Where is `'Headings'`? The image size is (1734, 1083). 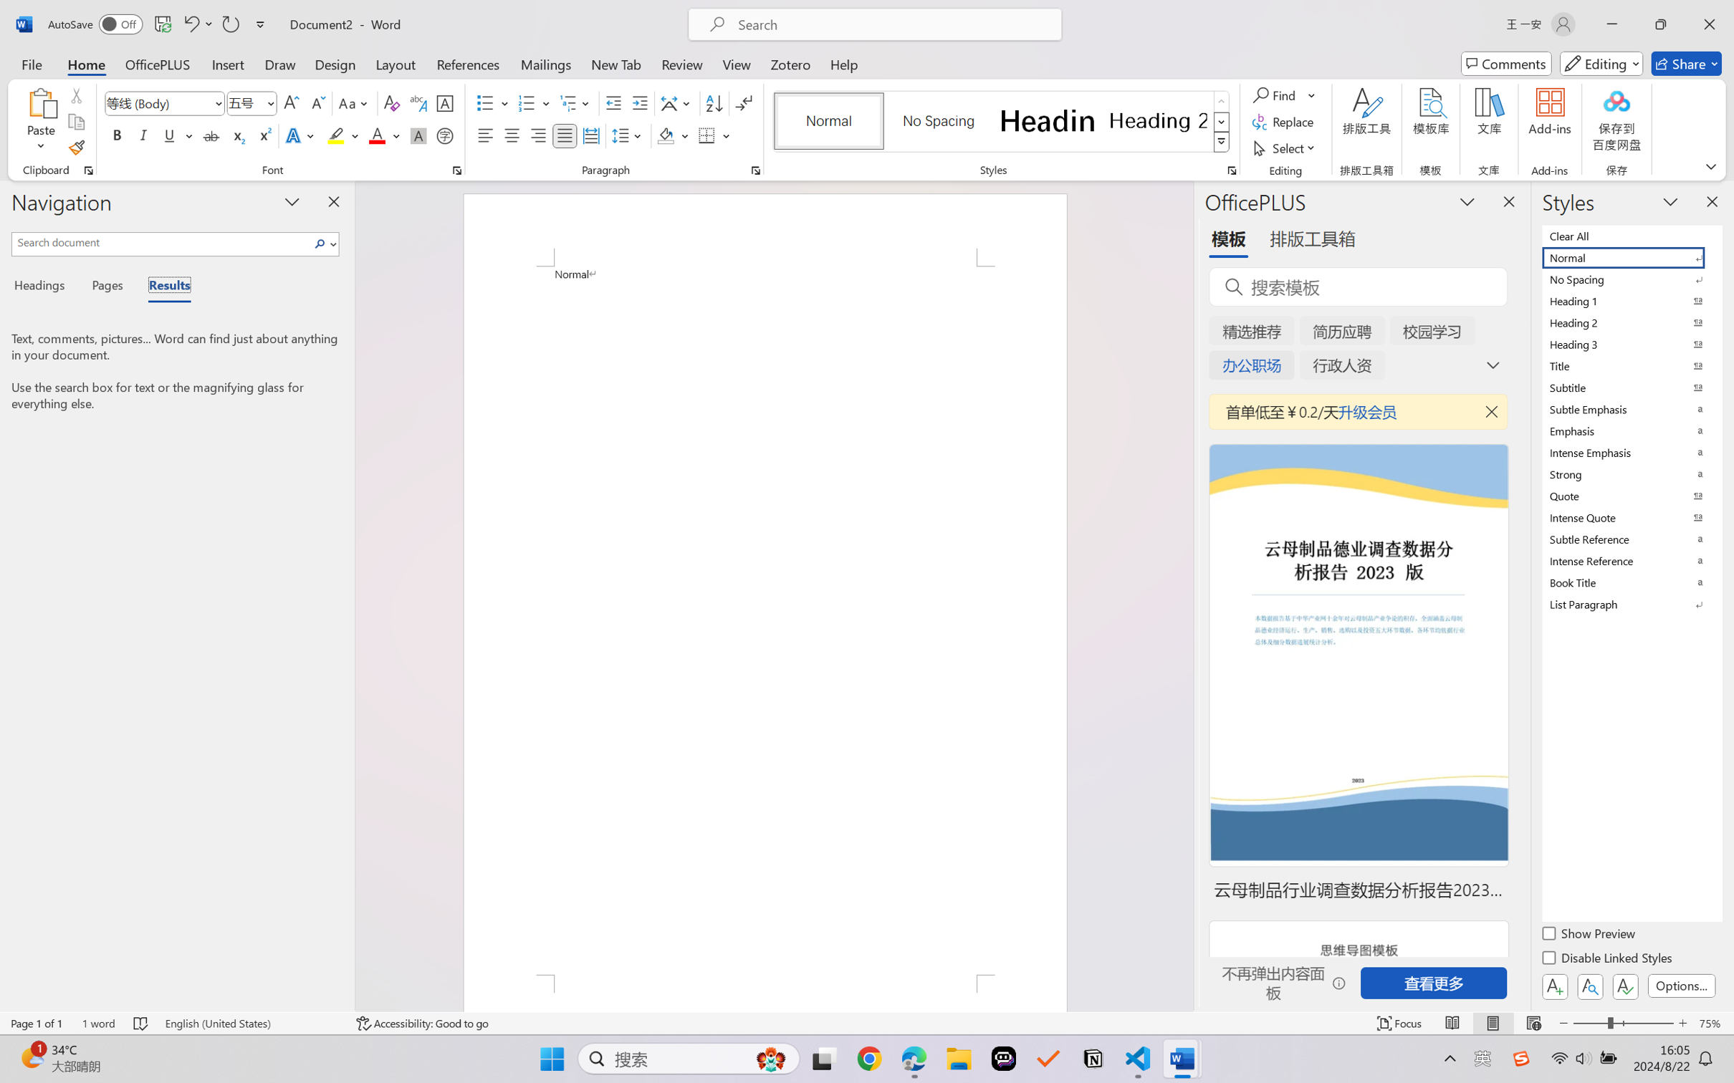 'Headings' is located at coordinates (44, 287).